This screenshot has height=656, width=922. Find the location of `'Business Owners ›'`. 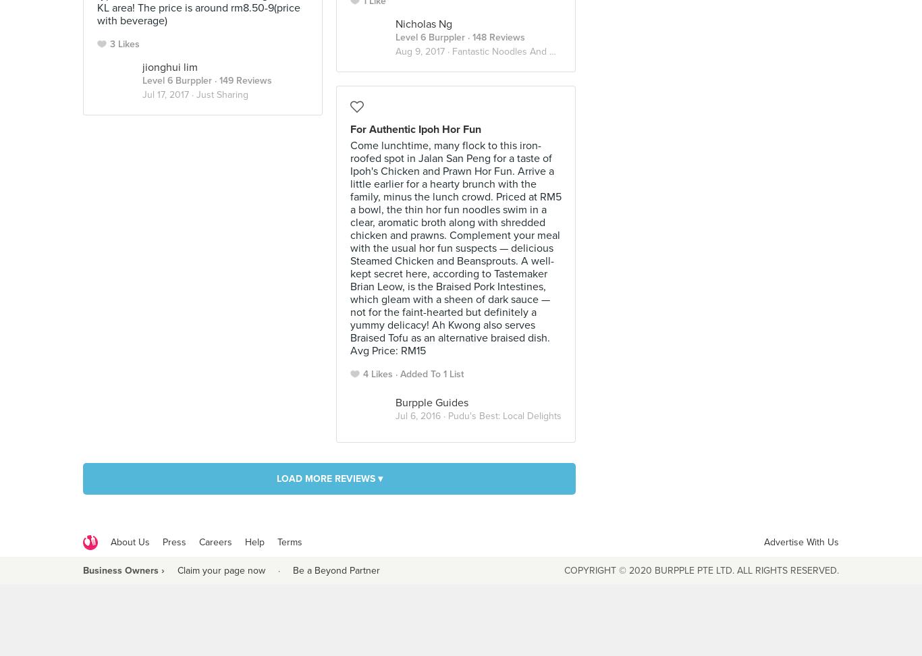

'Business Owners ›' is located at coordinates (123, 569).